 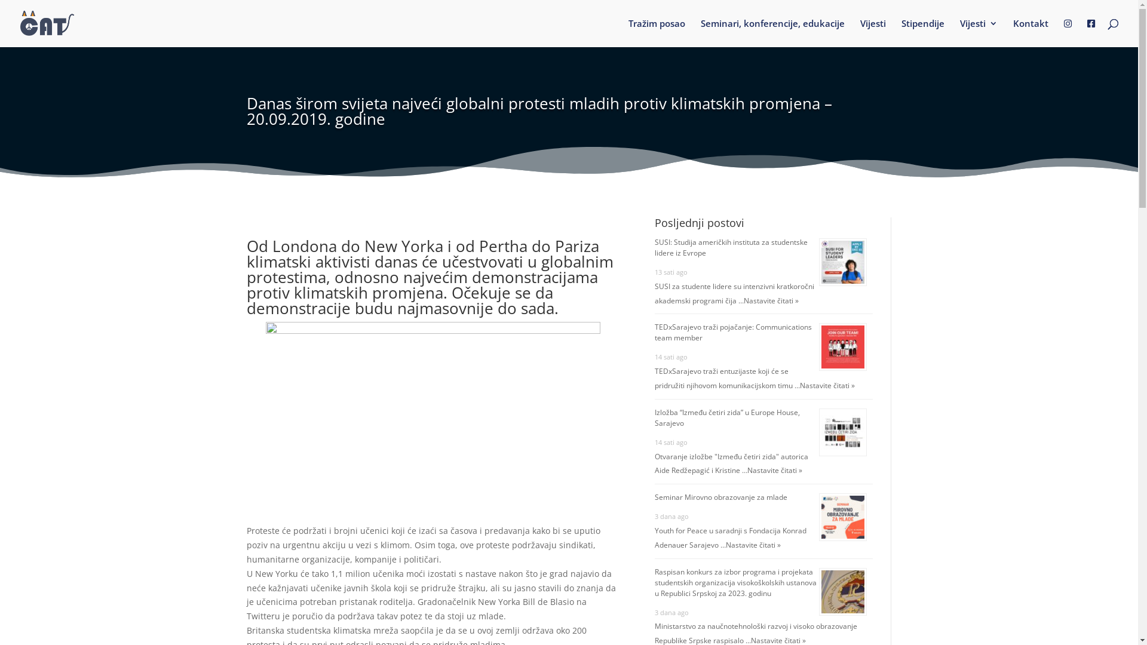 I want to click on 'Vijesti', so click(x=873, y=32).